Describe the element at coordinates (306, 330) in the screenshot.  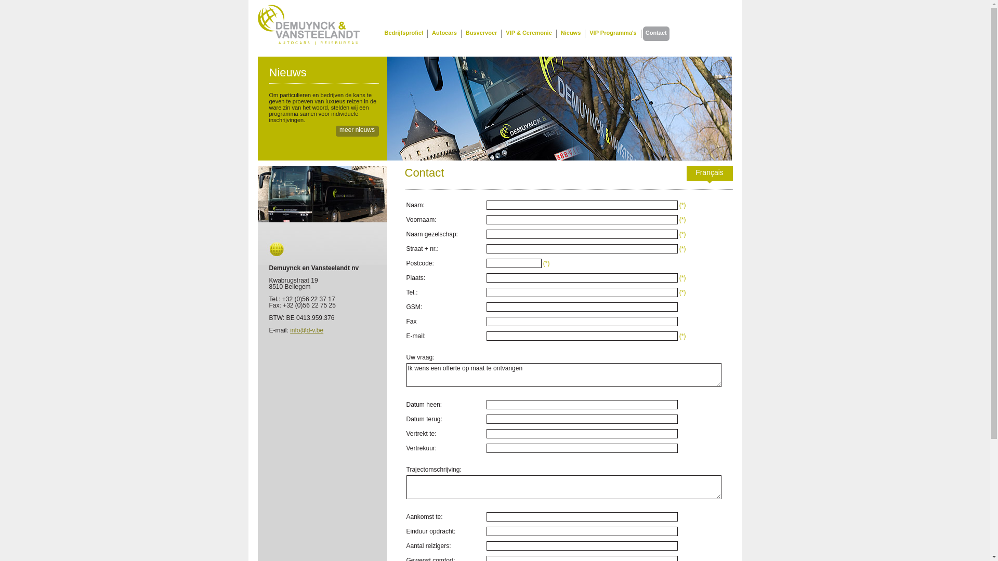
I see `'info@d-v.be'` at that location.